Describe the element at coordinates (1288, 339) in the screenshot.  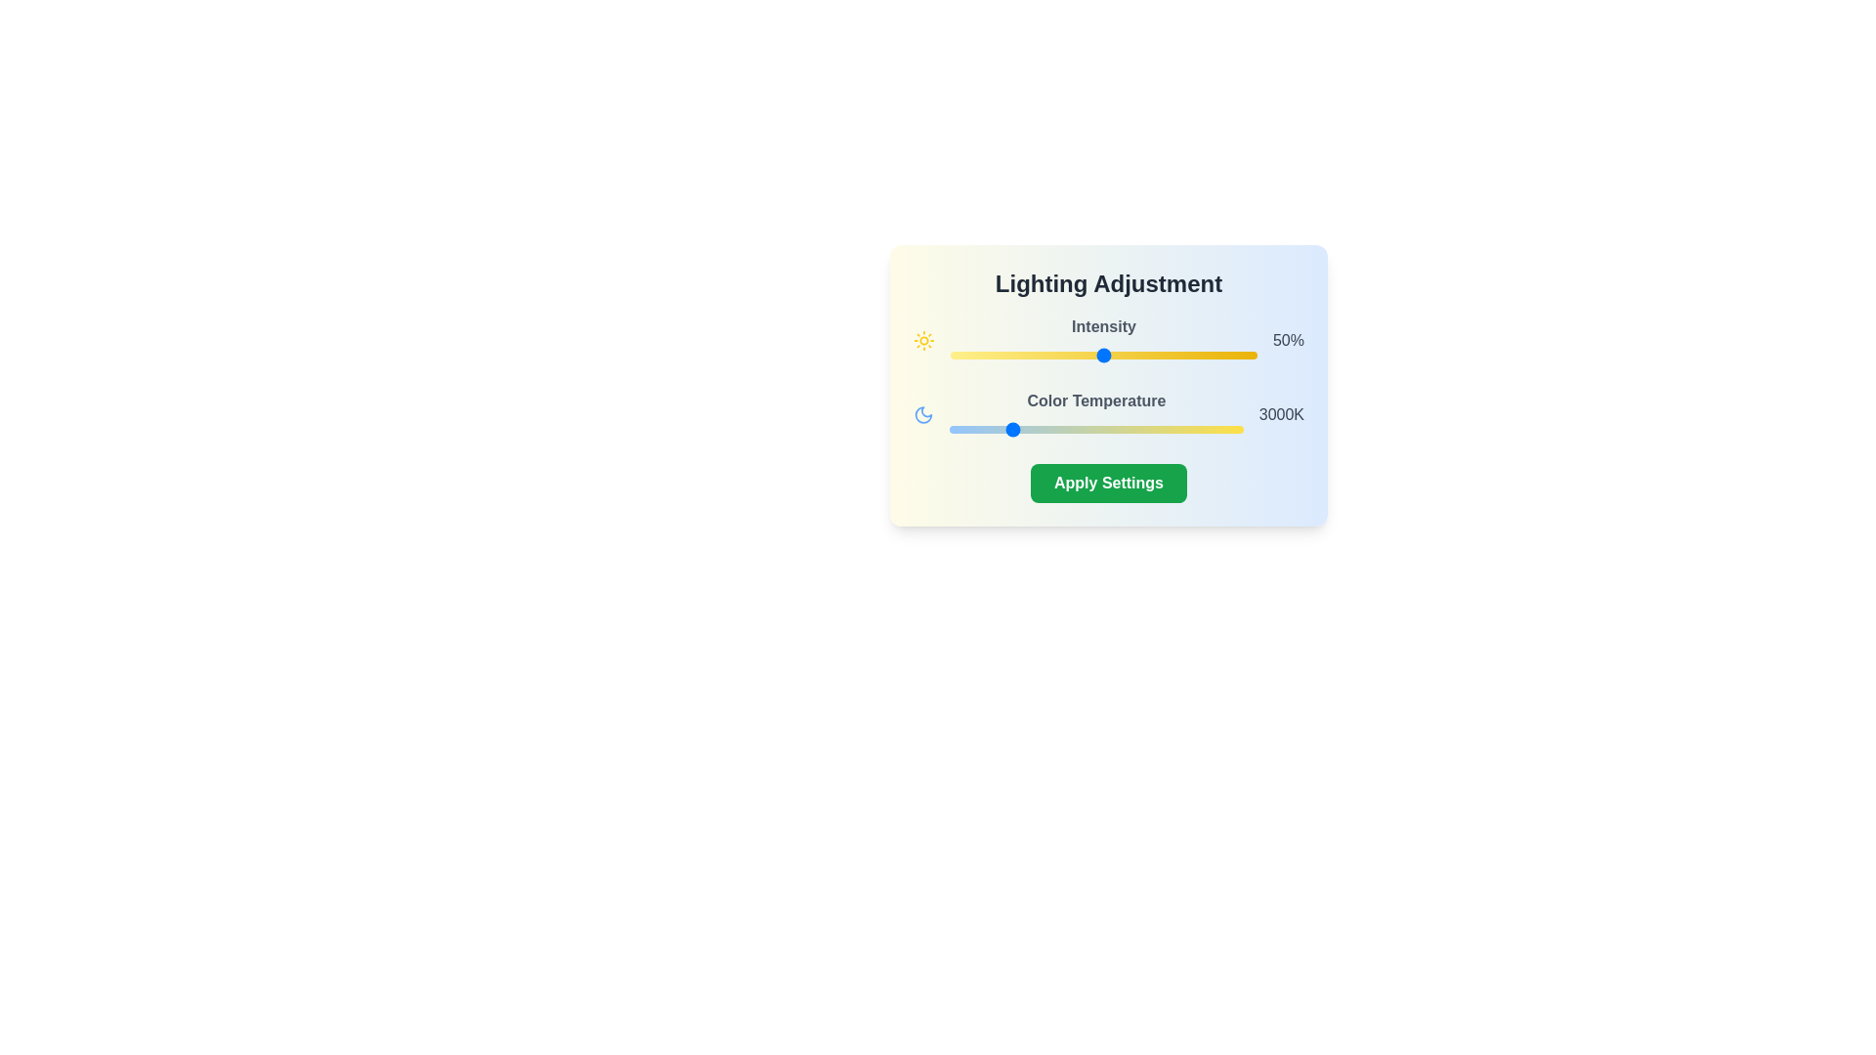
I see `the text '50%' from the component` at that location.